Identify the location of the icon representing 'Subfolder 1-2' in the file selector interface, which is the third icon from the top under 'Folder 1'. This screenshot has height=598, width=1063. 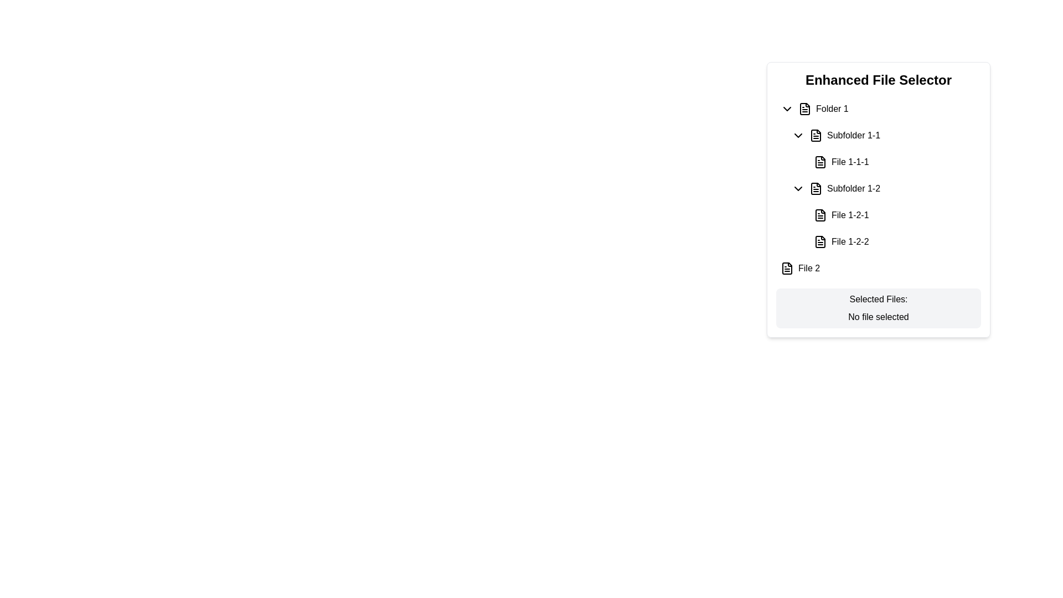
(816, 188).